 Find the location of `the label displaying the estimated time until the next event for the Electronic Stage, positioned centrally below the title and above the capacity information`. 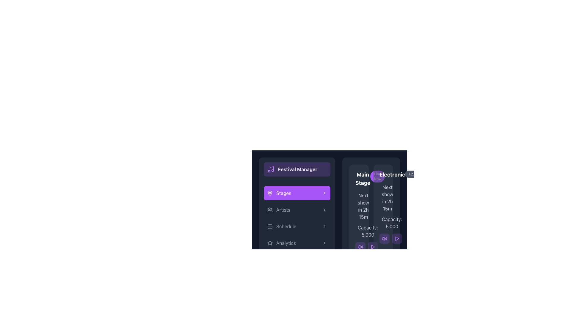

the label displaying the estimated time until the next event for the Electronic Stage, positioned centrally below the title and above the capacity information is located at coordinates (388, 198).